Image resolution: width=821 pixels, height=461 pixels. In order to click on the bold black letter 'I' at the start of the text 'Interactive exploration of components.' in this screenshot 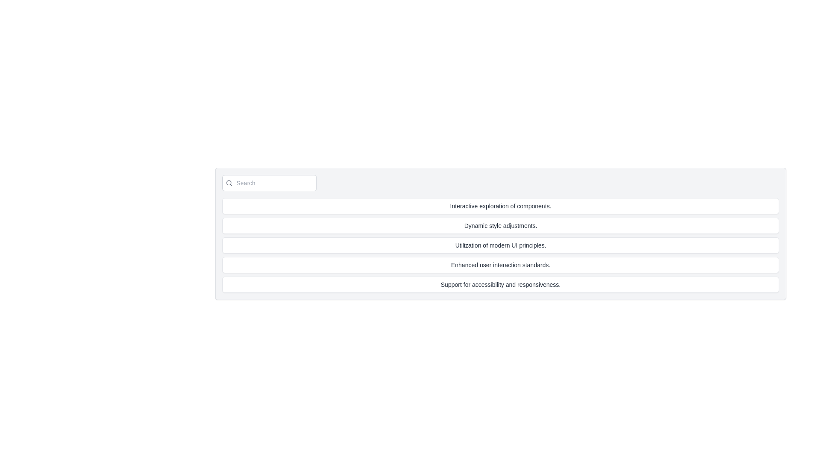, I will do `click(450, 206)`.